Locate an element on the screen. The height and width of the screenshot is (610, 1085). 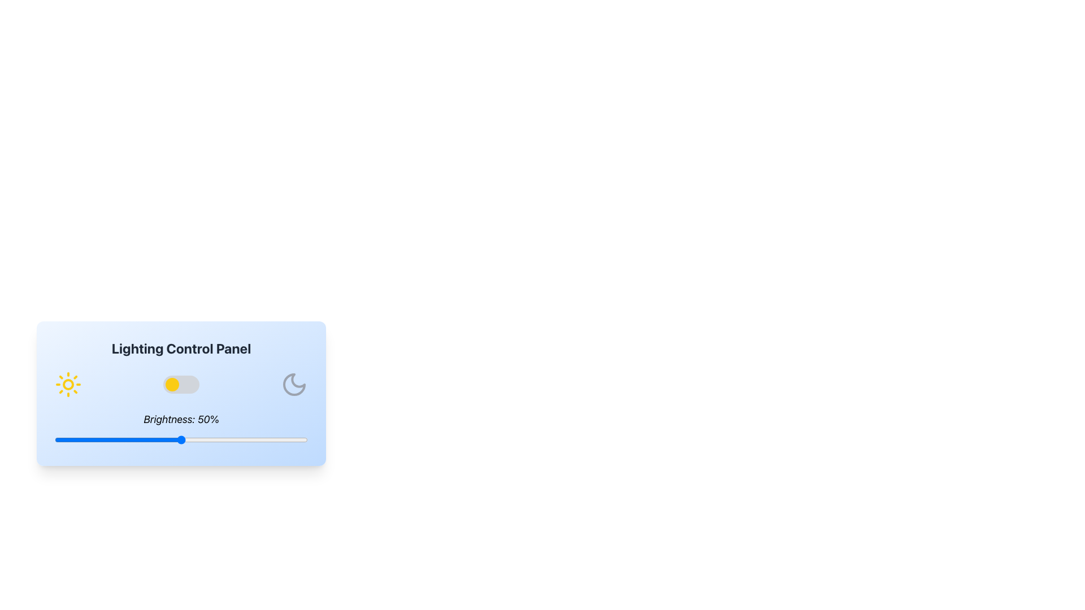
the crescent moon-shaped icon is located at coordinates (294, 384).